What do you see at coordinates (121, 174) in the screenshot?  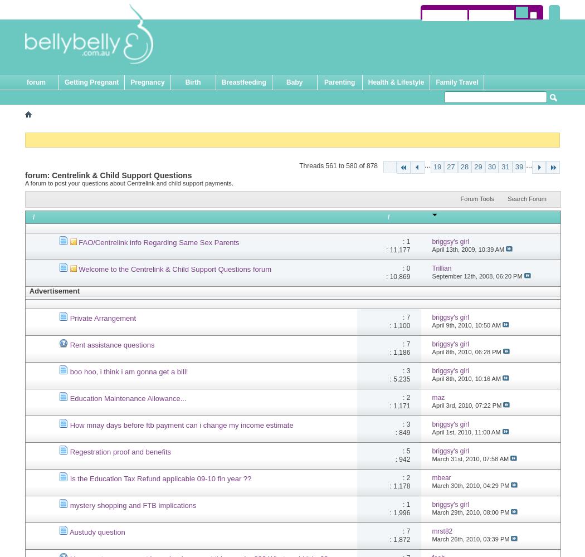 I see `'Centrelink & Child Support Questions'` at bounding box center [121, 174].